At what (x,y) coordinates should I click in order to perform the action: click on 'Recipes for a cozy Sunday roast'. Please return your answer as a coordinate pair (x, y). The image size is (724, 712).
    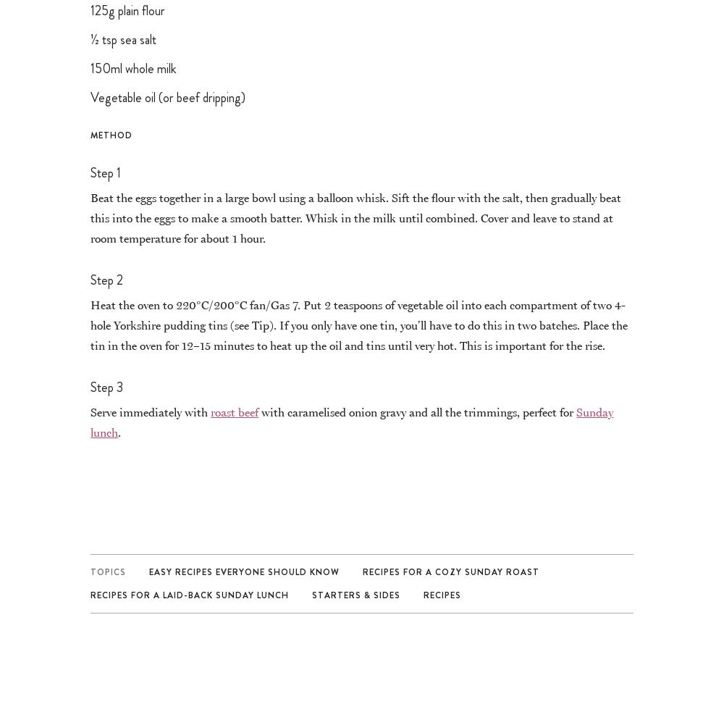
    Looking at the image, I should click on (450, 570).